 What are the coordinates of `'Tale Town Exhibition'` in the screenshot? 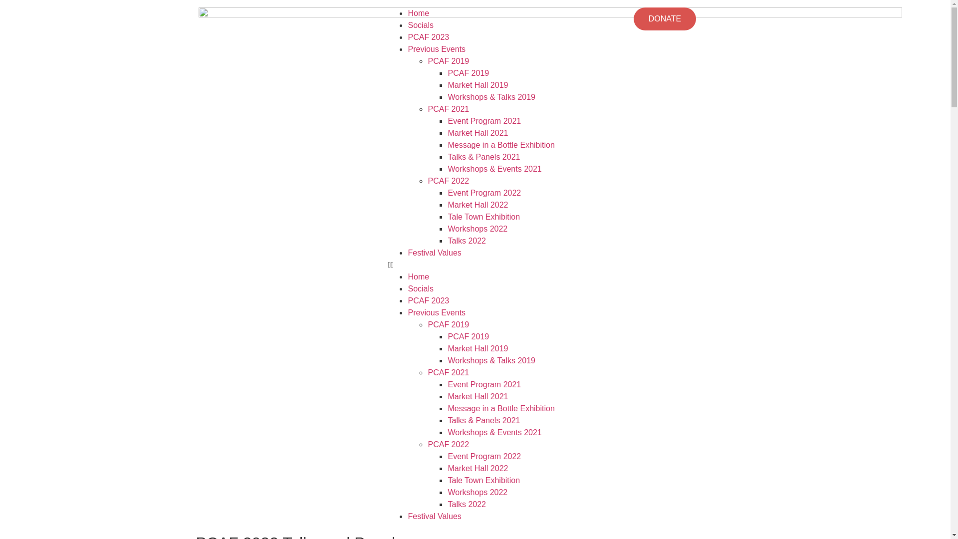 It's located at (447, 480).